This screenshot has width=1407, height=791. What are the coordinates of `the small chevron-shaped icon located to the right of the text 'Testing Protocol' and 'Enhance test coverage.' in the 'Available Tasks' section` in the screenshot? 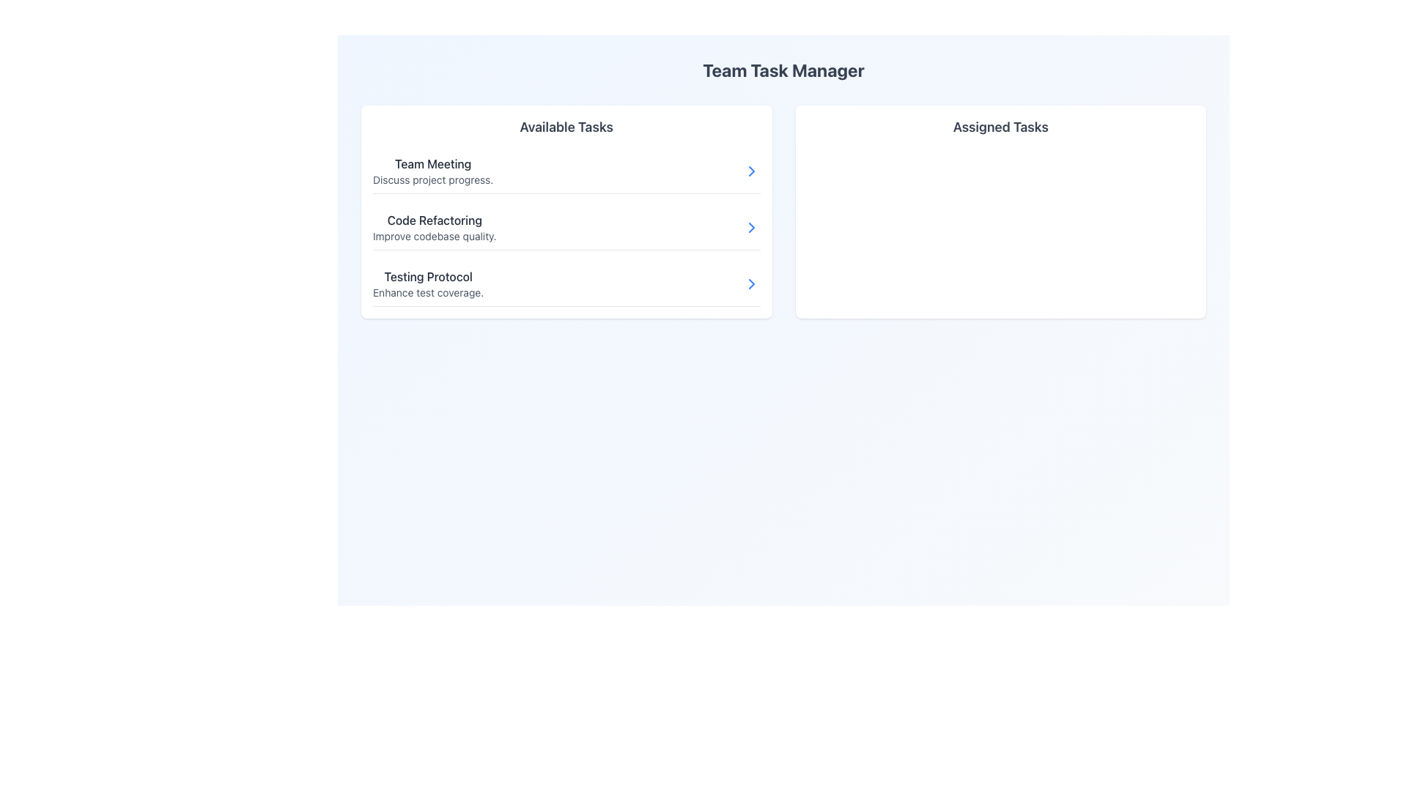 It's located at (751, 284).